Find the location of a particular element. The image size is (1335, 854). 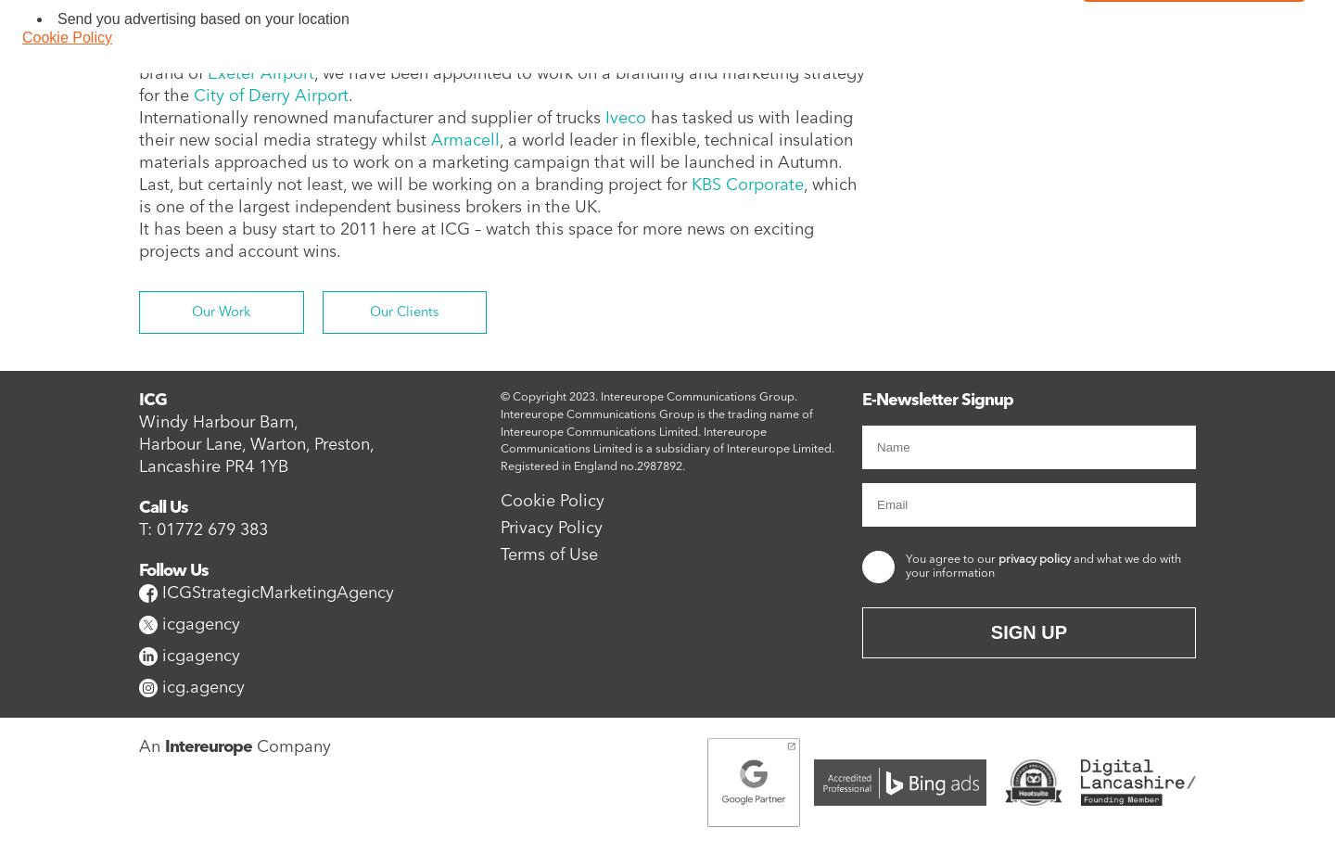

'E-Newsletter Signup' is located at coordinates (936, 400).